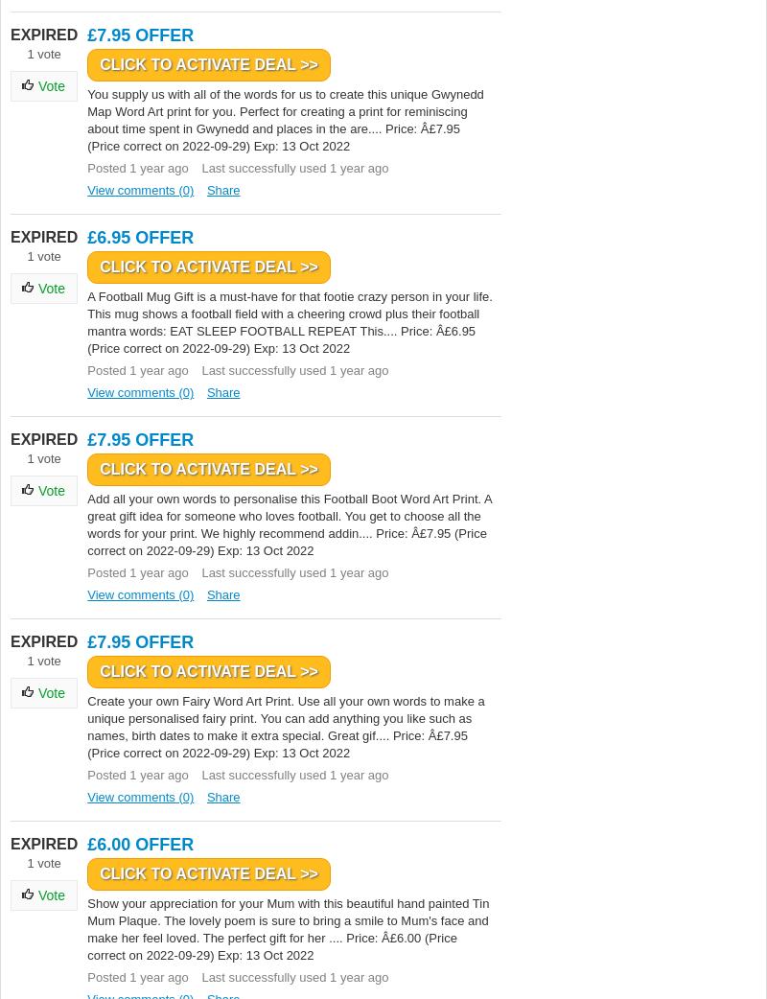 Image resolution: width=767 pixels, height=999 pixels. What do you see at coordinates (286, 726) in the screenshot?
I see `'Create your own Fairy Word Art Print. Use all your own words to make a unique personalised fairy print. You can add anything you like such as names, birth dates to make it extra special. Great gif.... Price: Â£7.95 (Price correct on 2022-09-29) Exp: 13 Oct 2022'` at bounding box center [286, 726].